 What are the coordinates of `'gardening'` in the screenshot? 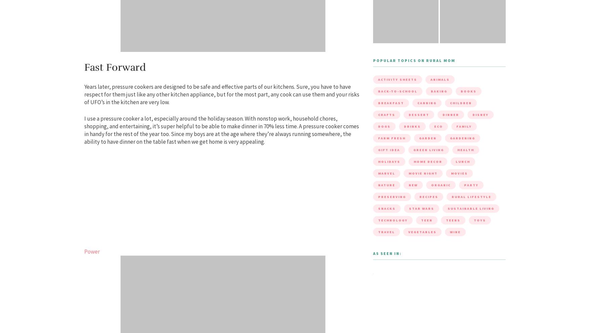 It's located at (462, 138).